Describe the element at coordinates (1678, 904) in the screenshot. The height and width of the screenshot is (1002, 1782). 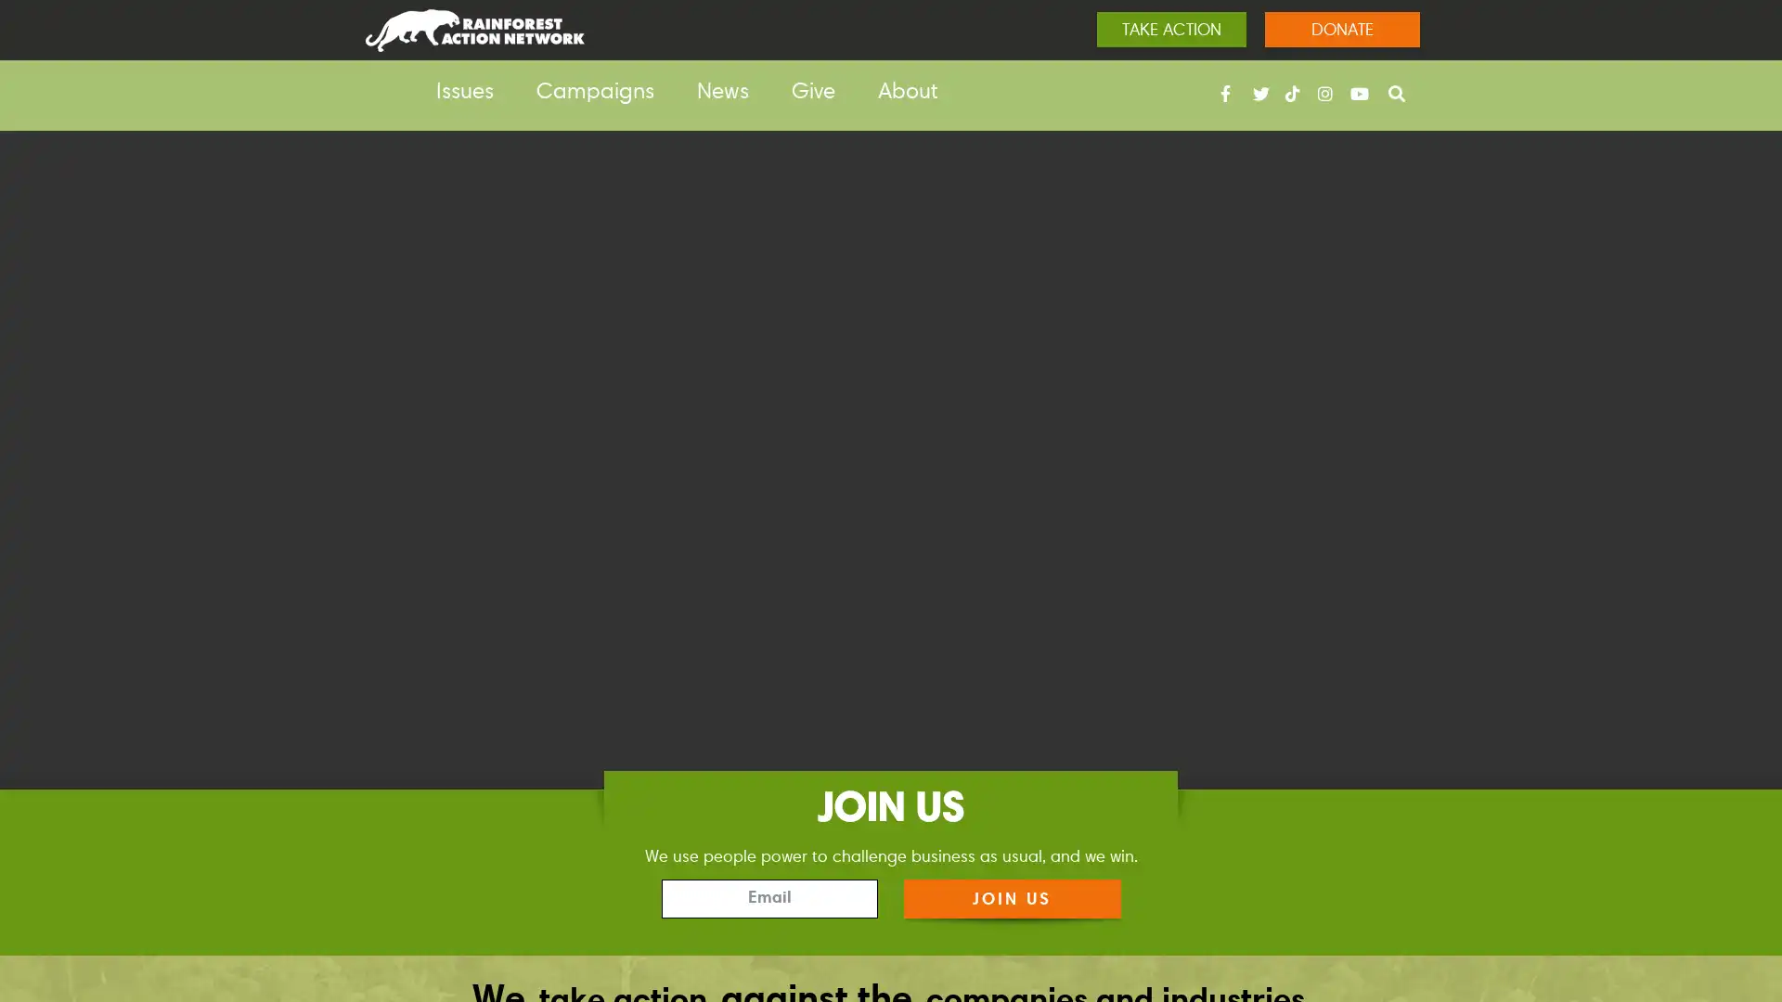
I see `enter full screen` at that location.